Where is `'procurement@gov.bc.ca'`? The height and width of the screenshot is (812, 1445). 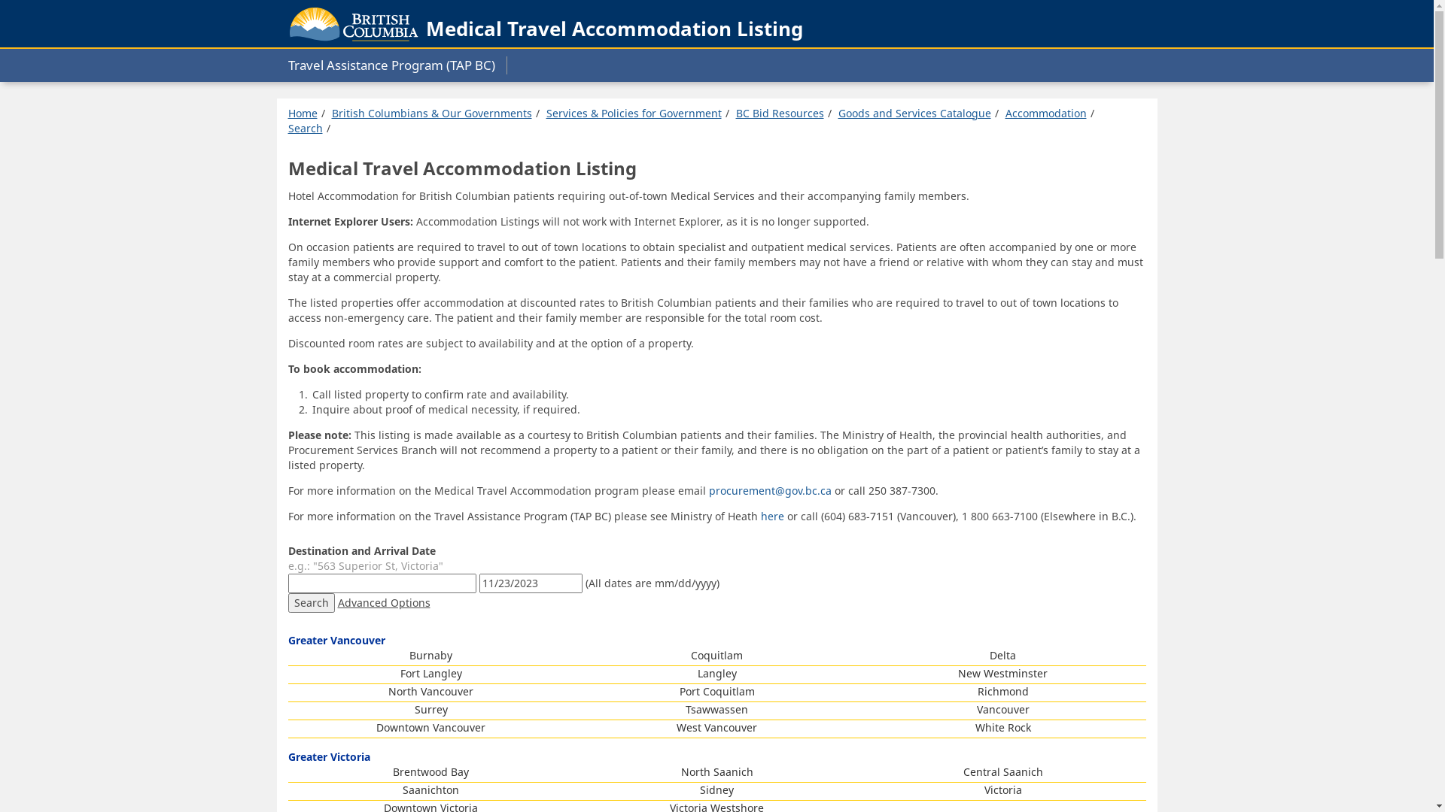
'procurement@gov.bc.ca' is located at coordinates (770, 490).